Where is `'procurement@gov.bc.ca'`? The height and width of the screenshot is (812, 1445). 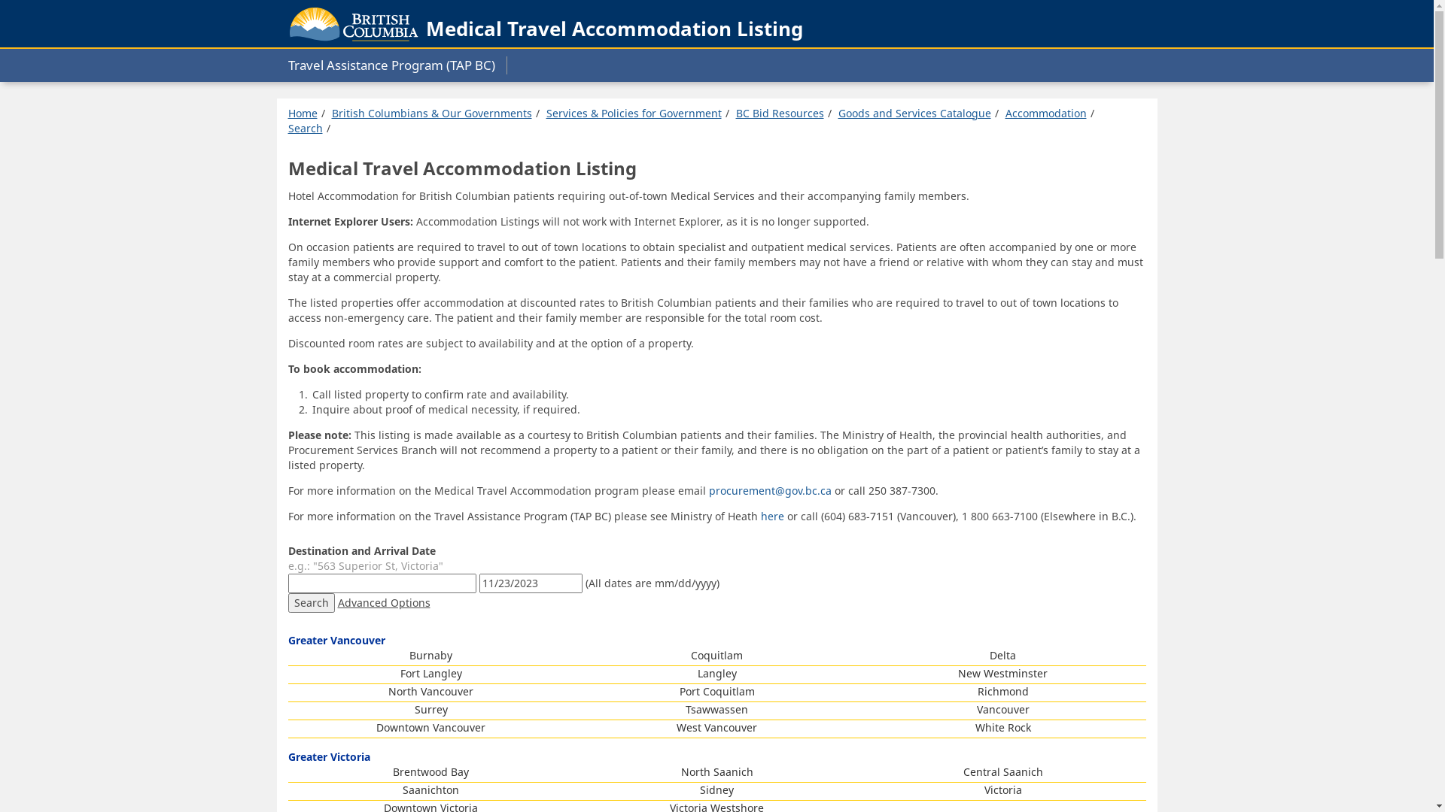
'procurement@gov.bc.ca' is located at coordinates (770, 490).